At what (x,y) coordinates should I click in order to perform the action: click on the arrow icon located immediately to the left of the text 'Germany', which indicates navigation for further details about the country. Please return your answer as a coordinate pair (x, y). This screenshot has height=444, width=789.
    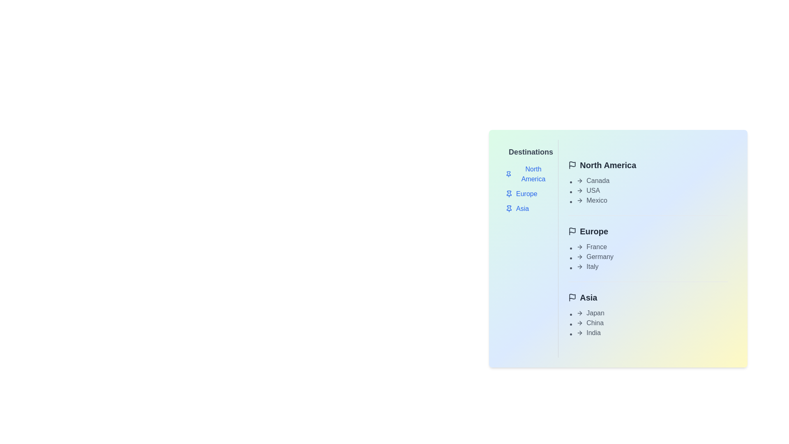
    Looking at the image, I should click on (579, 256).